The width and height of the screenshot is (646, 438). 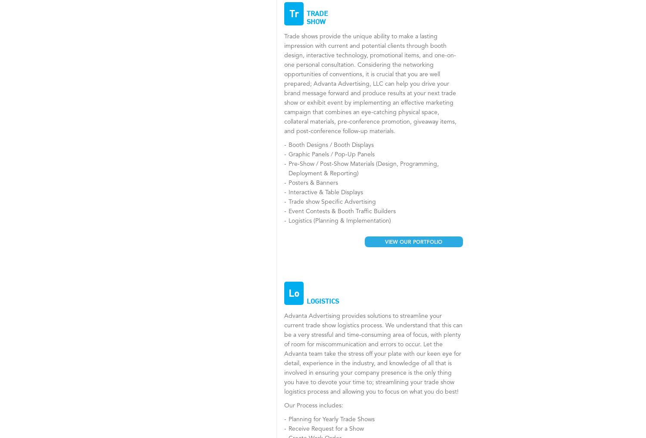 I want to click on 'Graphic Panels / Pop-Up Panels', so click(x=331, y=154).